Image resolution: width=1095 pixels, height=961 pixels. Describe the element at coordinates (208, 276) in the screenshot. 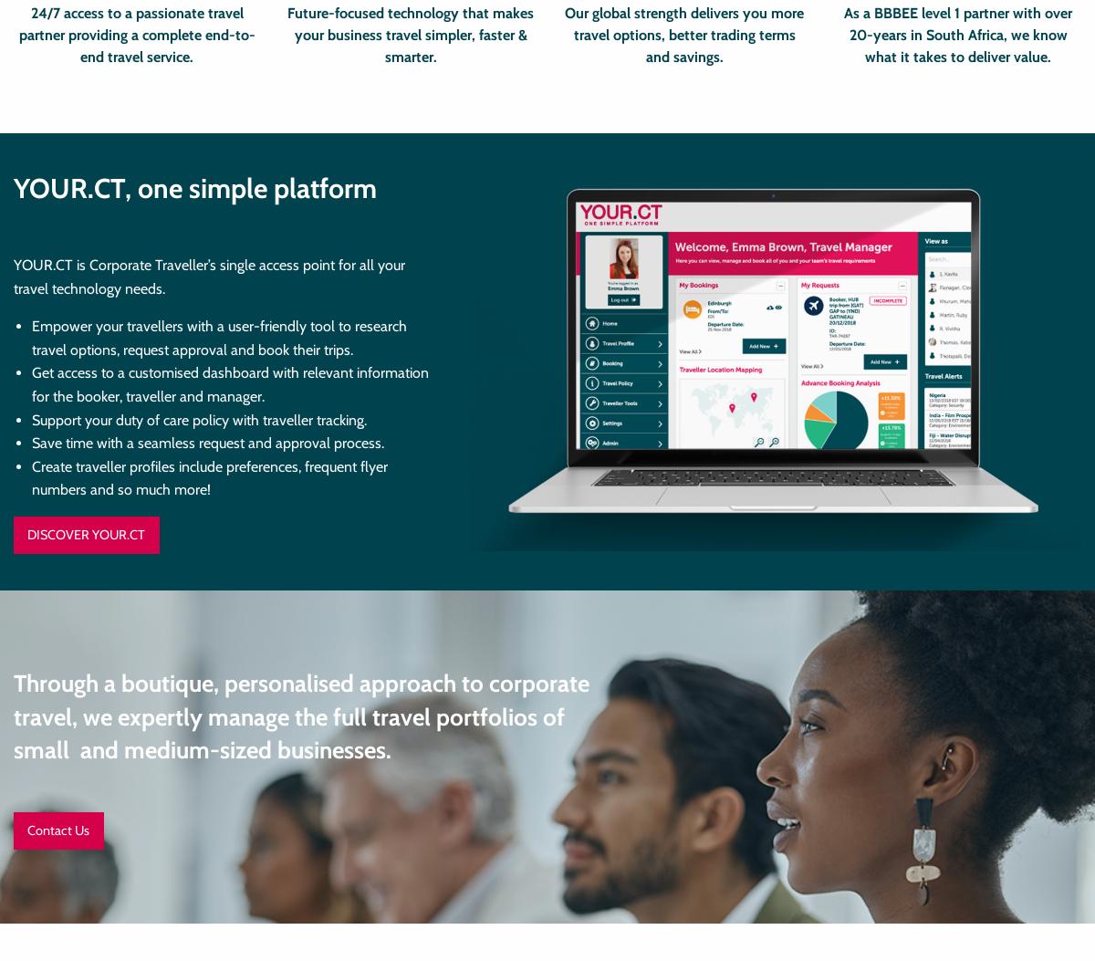

I see `'YOUR.CT is Corporate Traveller’s single access point for all your travel technology needs.'` at that location.